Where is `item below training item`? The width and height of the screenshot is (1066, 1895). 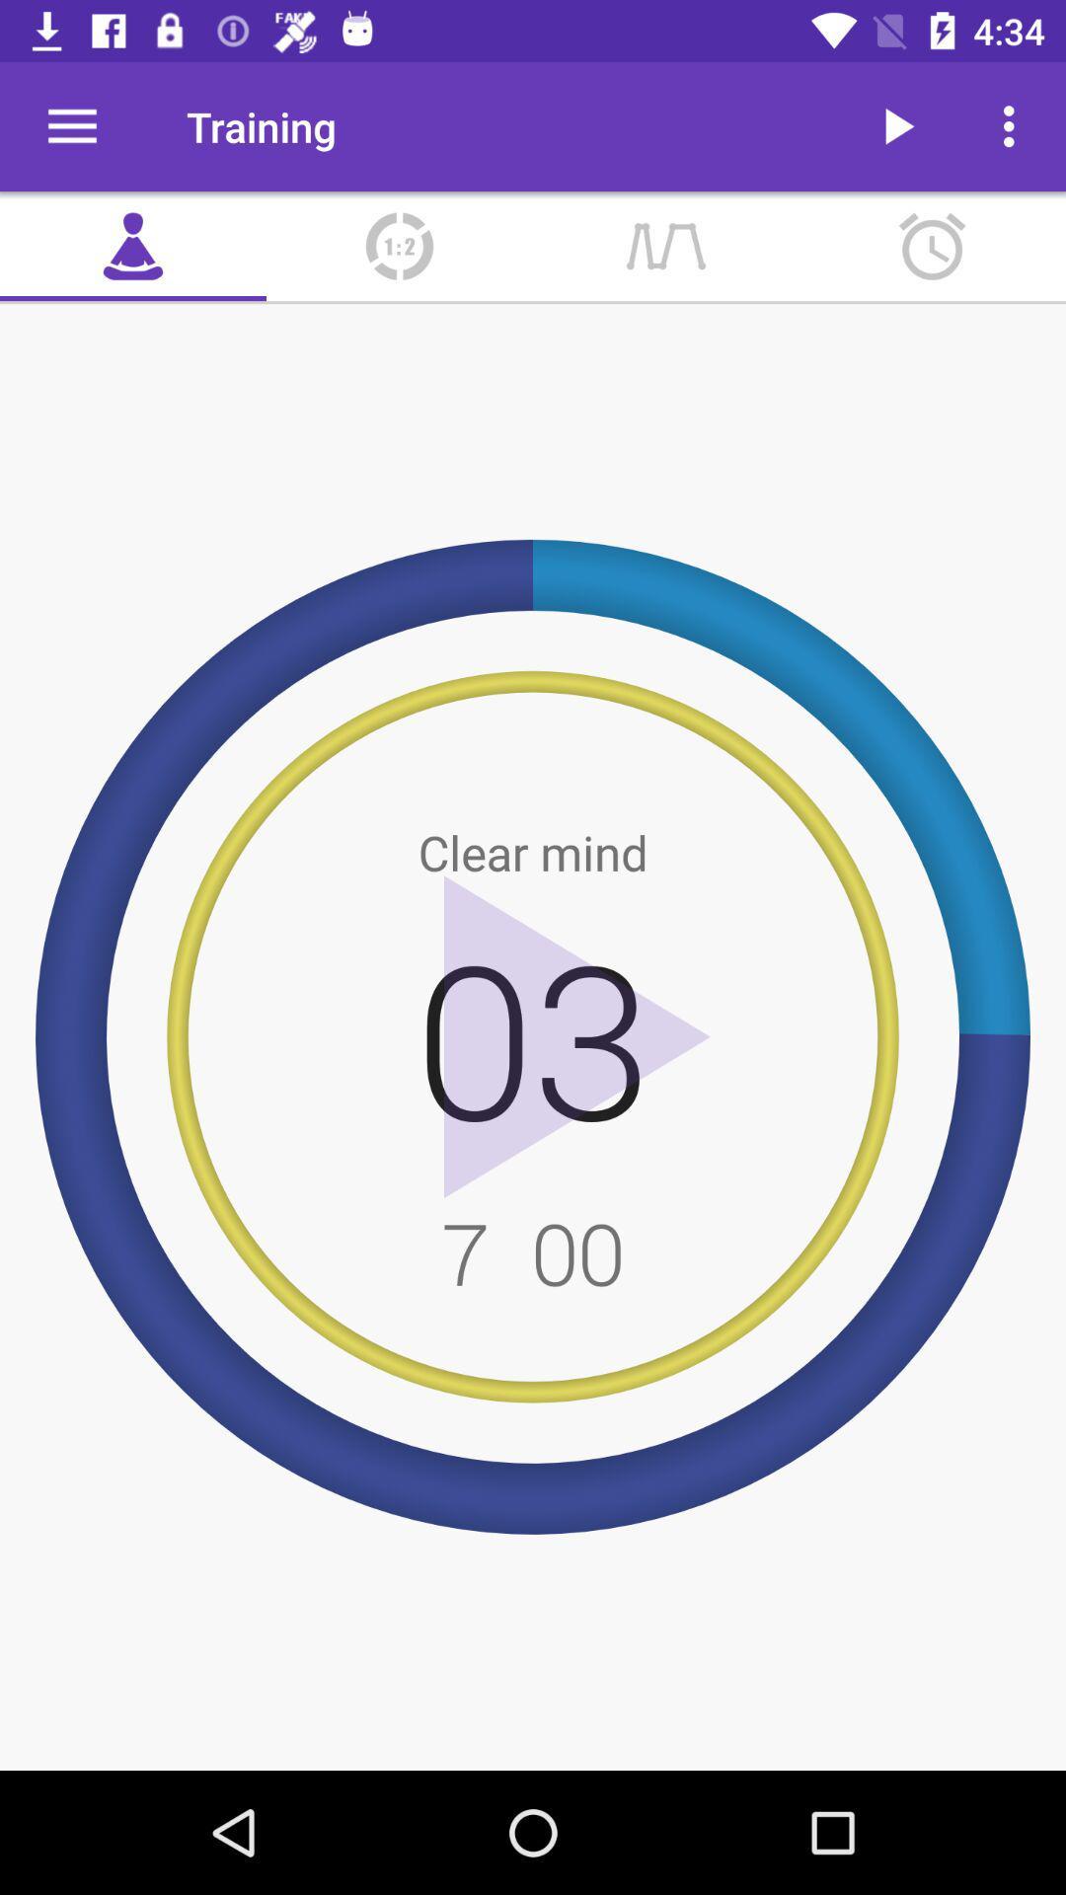
item below training item is located at coordinates (400, 245).